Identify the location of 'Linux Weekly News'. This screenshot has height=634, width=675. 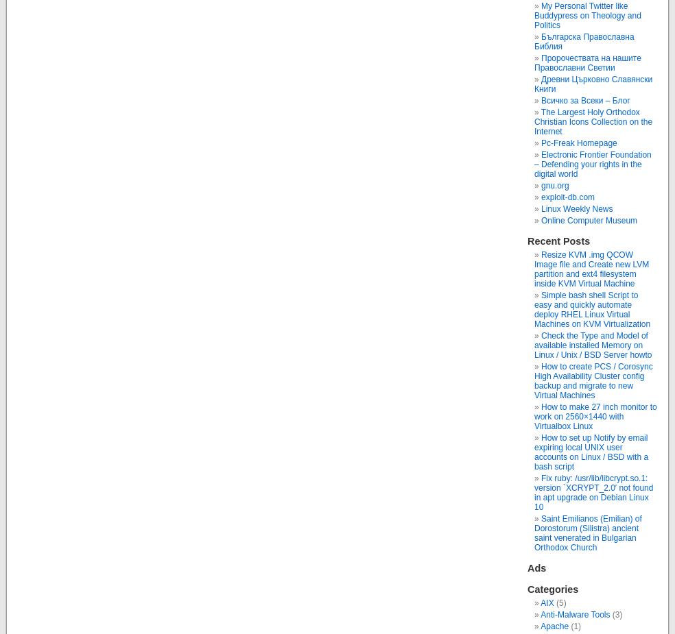
(576, 208).